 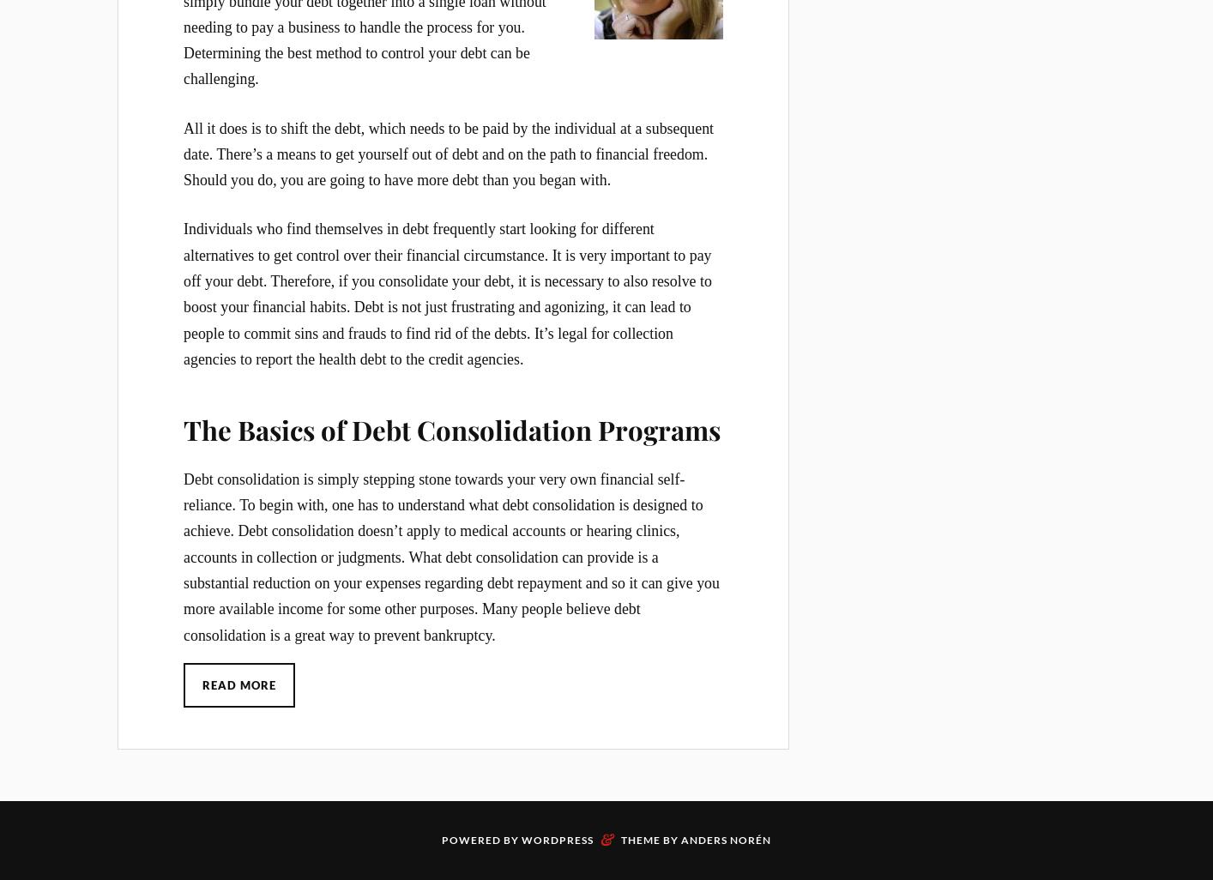 I want to click on 'Anders Norén', so click(x=725, y=839).